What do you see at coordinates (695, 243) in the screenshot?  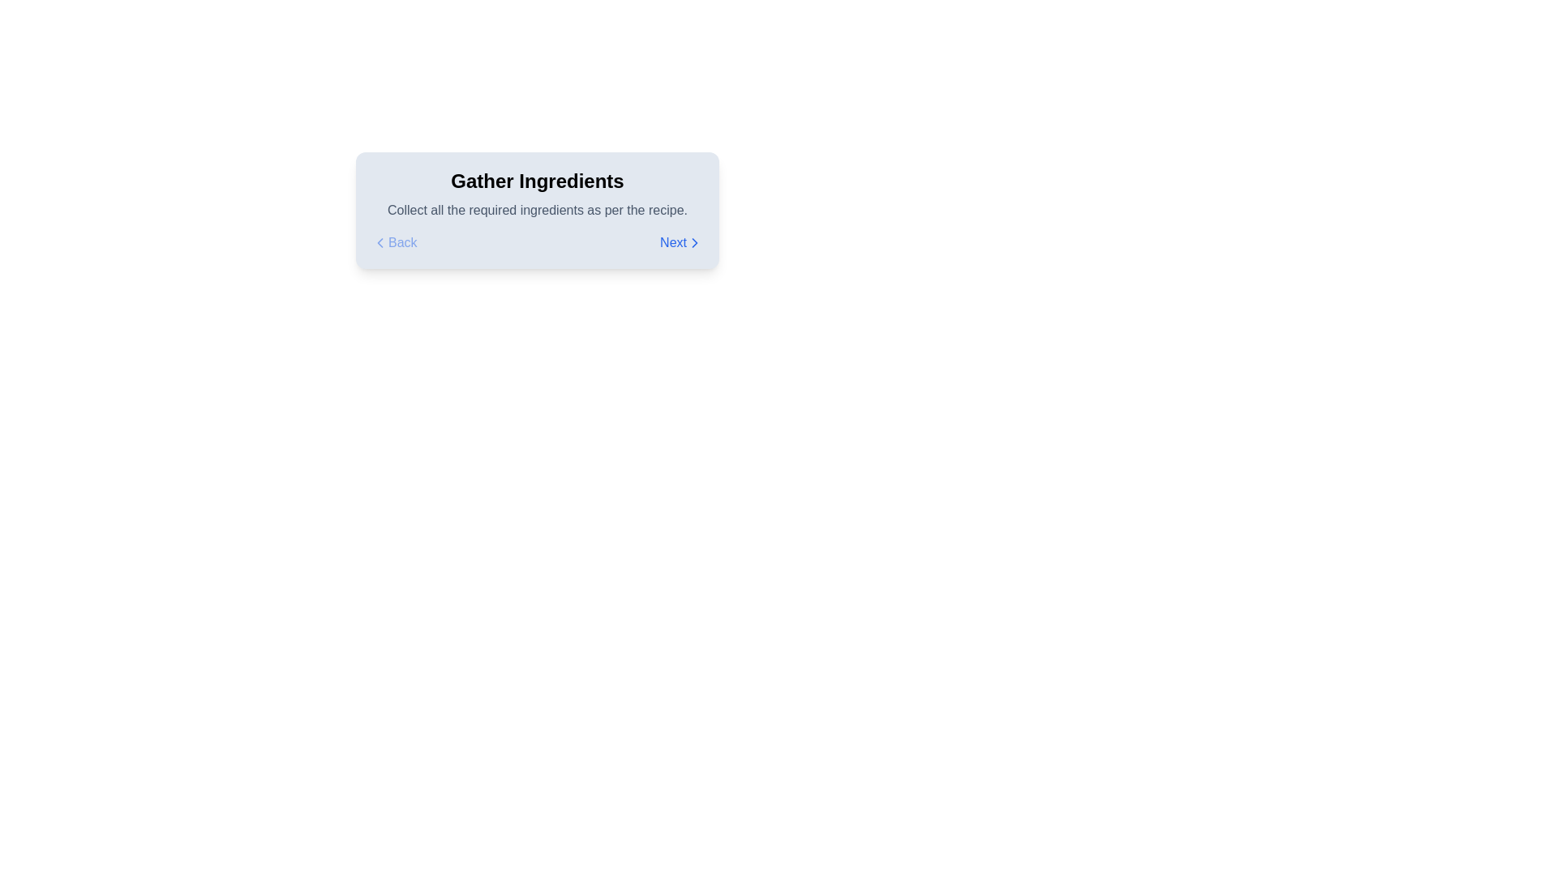 I see `the Chevron Right icon located to the immediate right of the 'Next' label, indicating a forward action on the clickable 'Next' button at the bottom-right corner of the card UI panel` at bounding box center [695, 243].